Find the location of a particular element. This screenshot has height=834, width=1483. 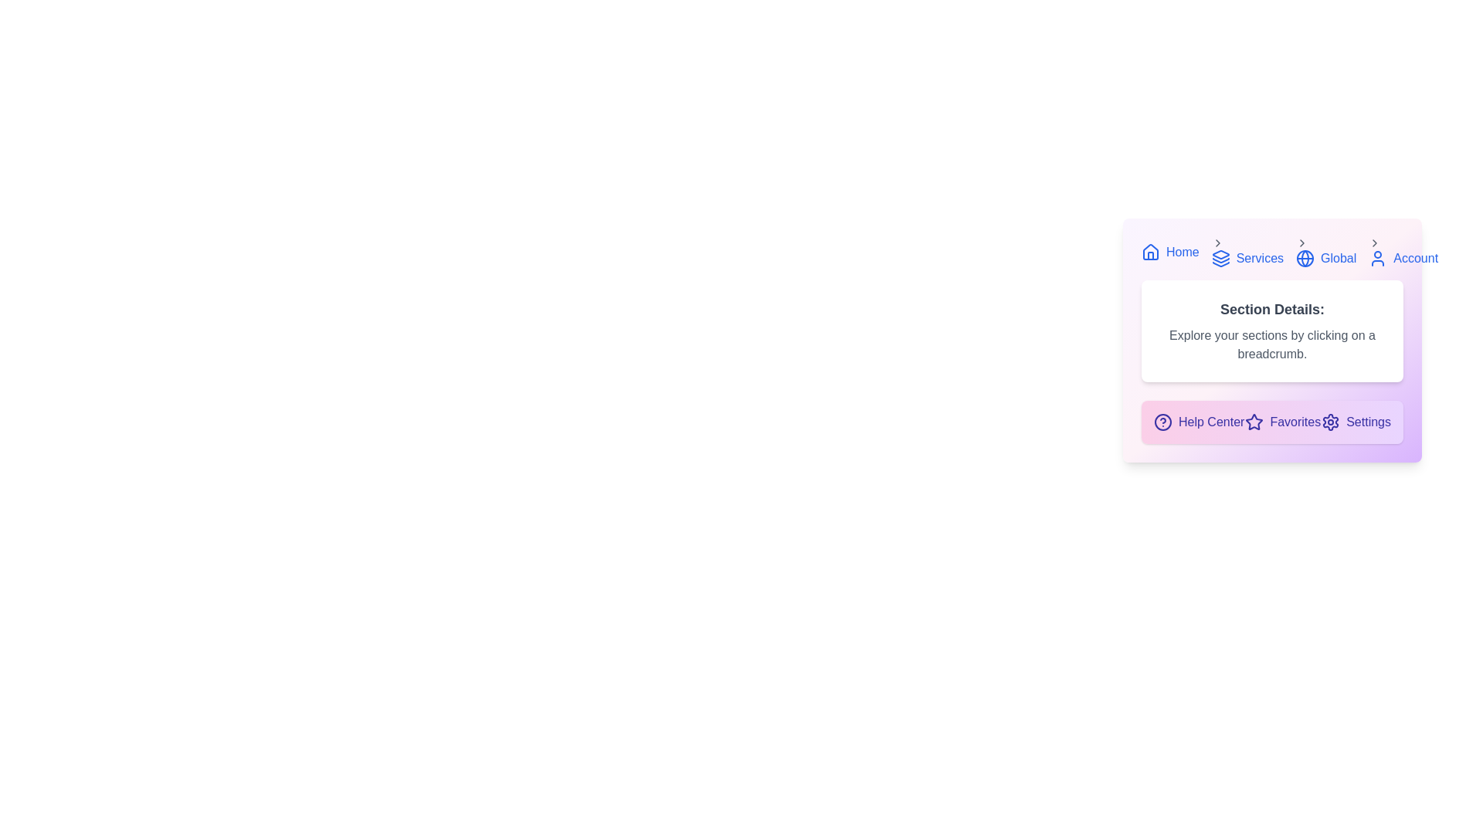

the 'Services' text label in the breadcrumb navigation to trigger the underline effect is located at coordinates (1260, 258).